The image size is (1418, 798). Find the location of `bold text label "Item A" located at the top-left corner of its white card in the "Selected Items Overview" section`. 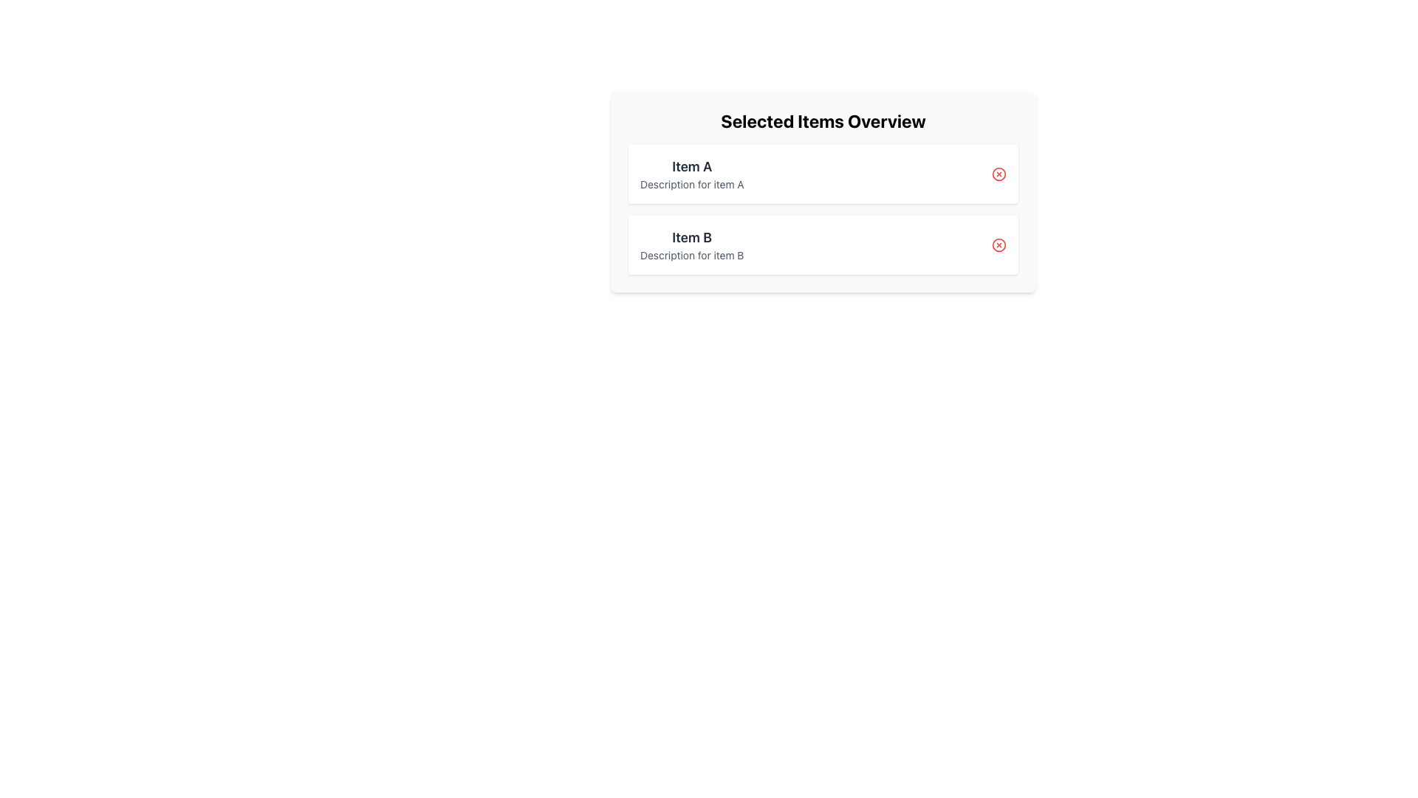

bold text label "Item A" located at the top-left corner of its white card in the "Selected Items Overview" section is located at coordinates (691, 166).